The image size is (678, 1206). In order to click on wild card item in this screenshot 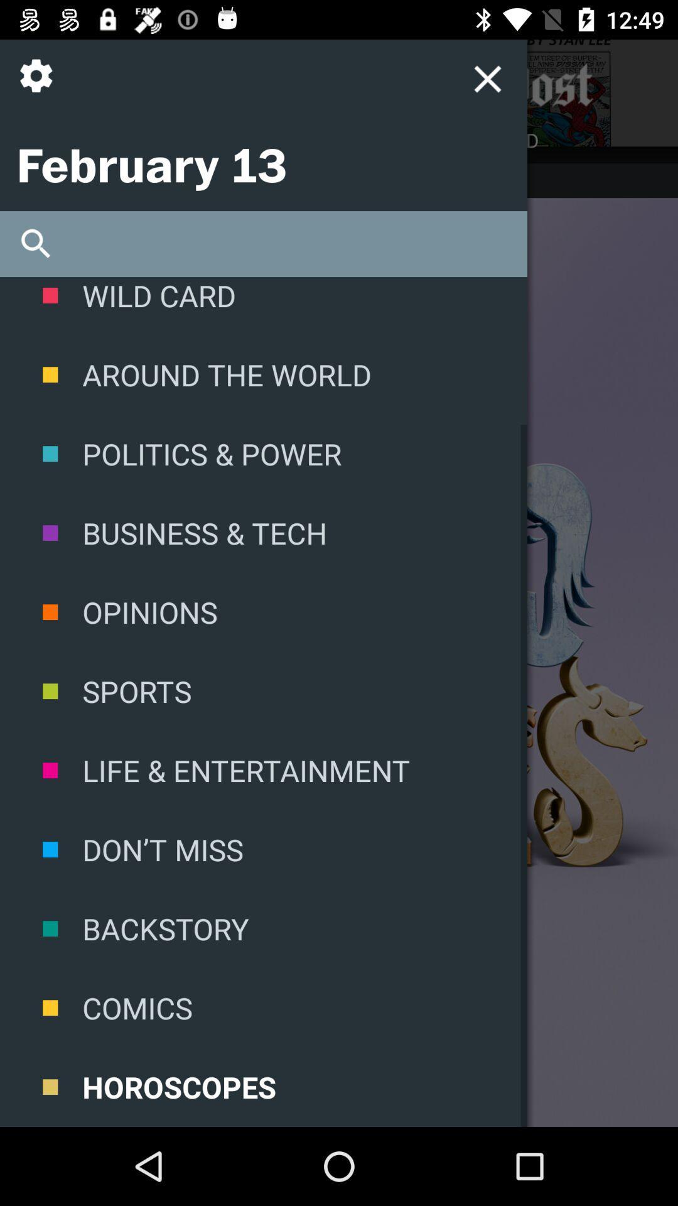, I will do `click(263, 306)`.